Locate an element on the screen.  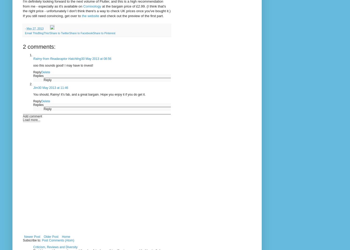
'Criticism, Reviews and Diversity' is located at coordinates (55, 247).